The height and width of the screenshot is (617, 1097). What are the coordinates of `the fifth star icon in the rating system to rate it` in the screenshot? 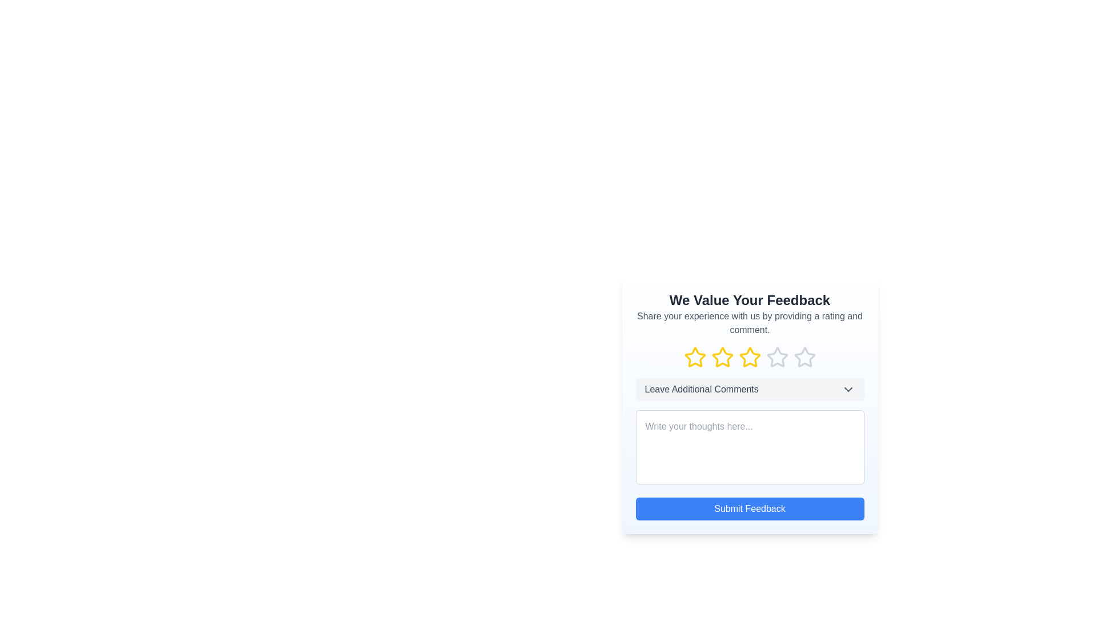 It's located at (777, 356).